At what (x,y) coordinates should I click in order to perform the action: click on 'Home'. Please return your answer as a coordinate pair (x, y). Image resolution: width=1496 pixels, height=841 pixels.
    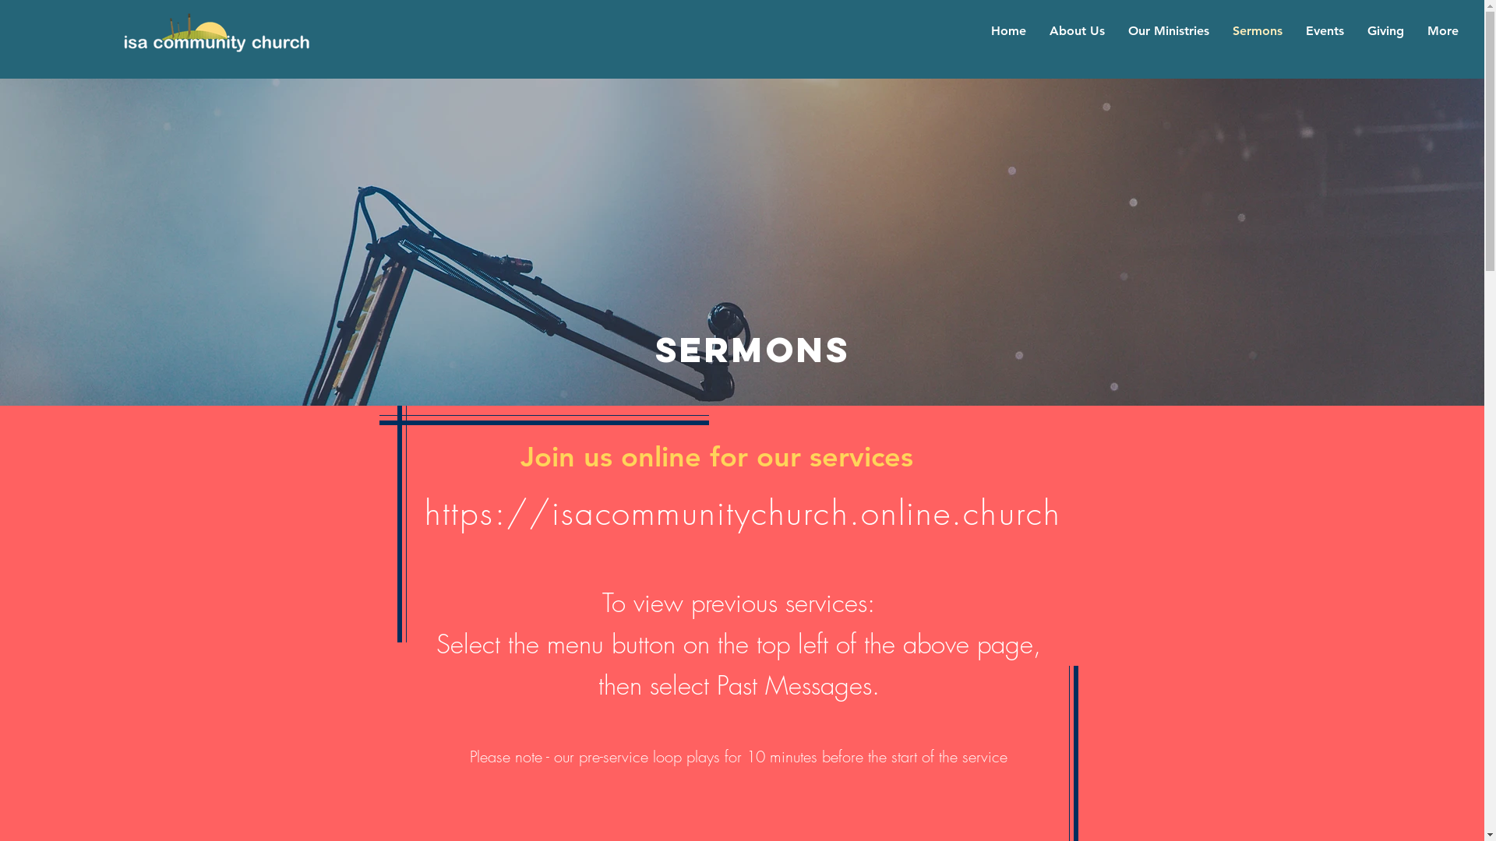
    Looking at the image, I should click on (1007, 30).